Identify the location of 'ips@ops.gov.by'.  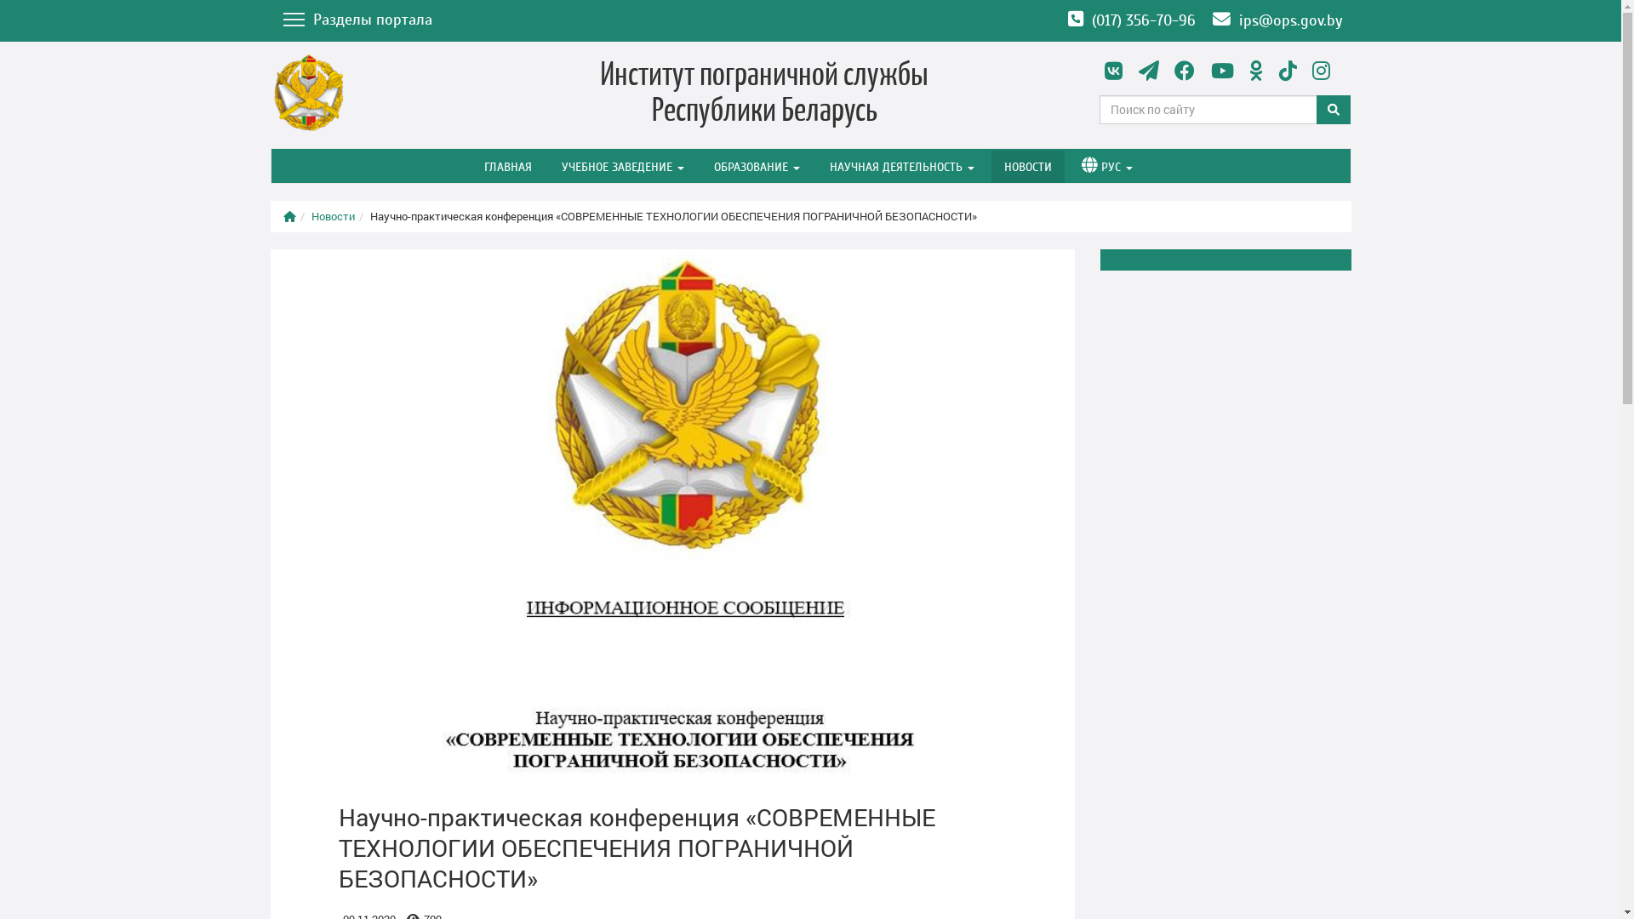
(1203, 20).